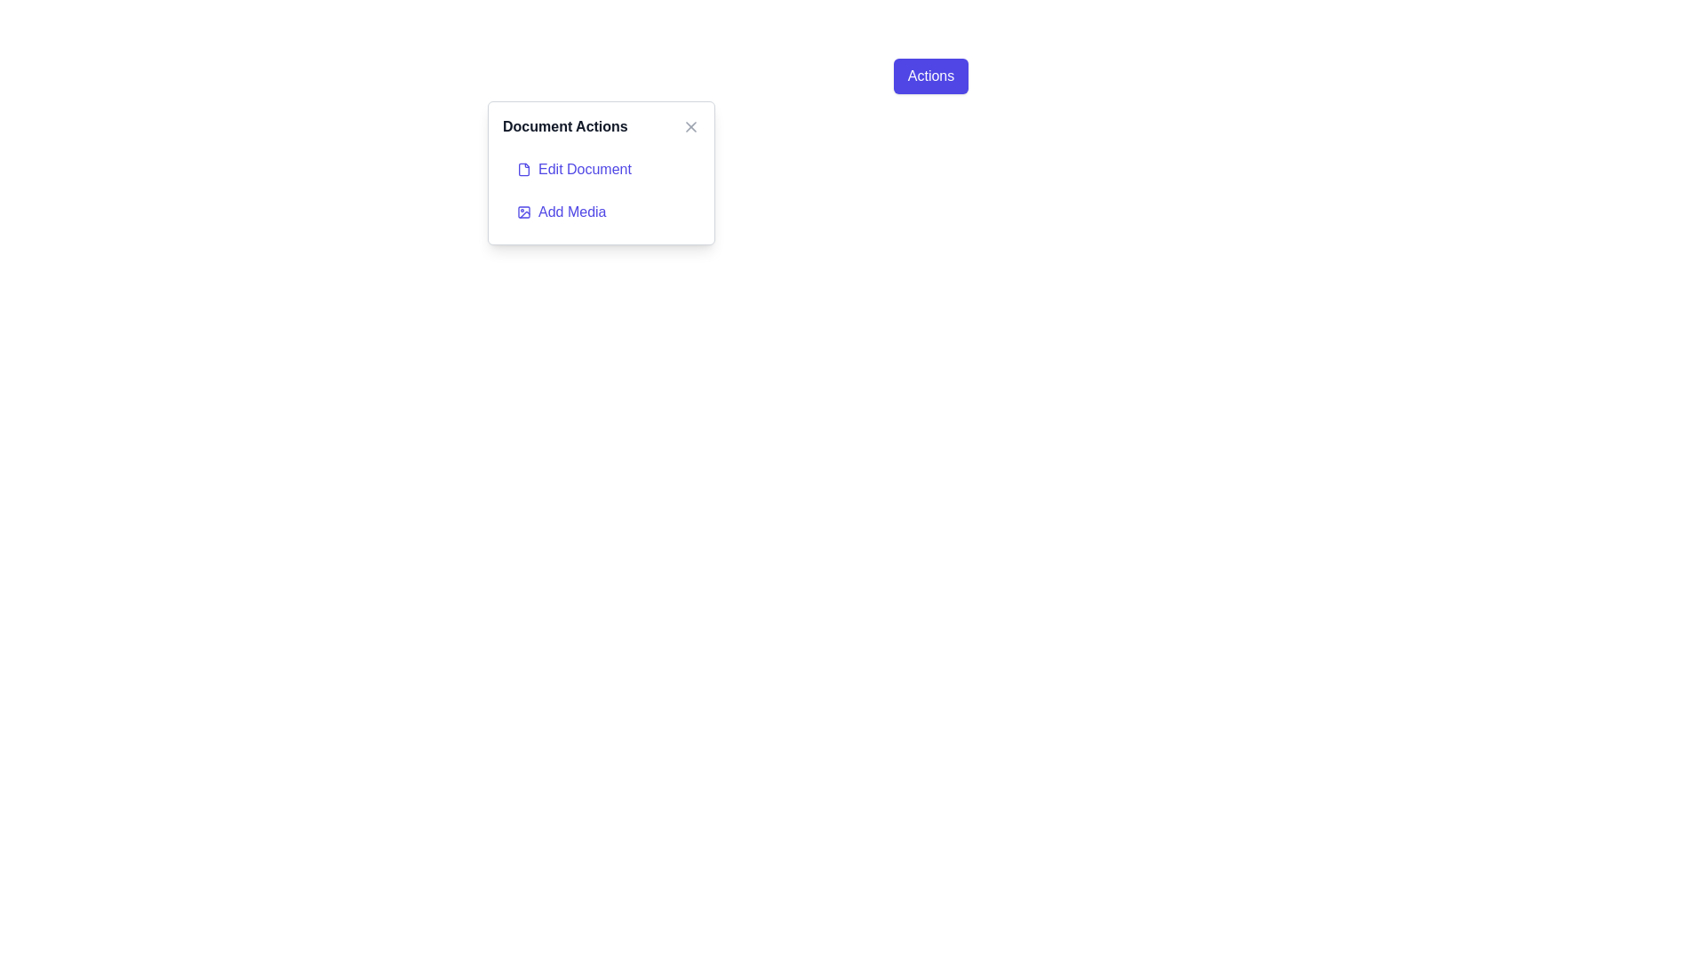  What do you see at coordinates (523, 170) in the screenshot?
I see `the document file icon located at the top left of the 'Document Actions' popup, which precedes the 'Edit Document' option` at bounding box center [523, 170].